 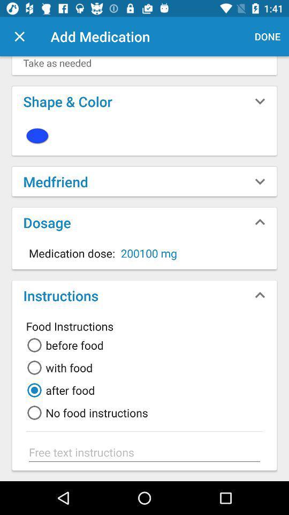 I want to click on the icon below before food item, so click(x=58, y=367).